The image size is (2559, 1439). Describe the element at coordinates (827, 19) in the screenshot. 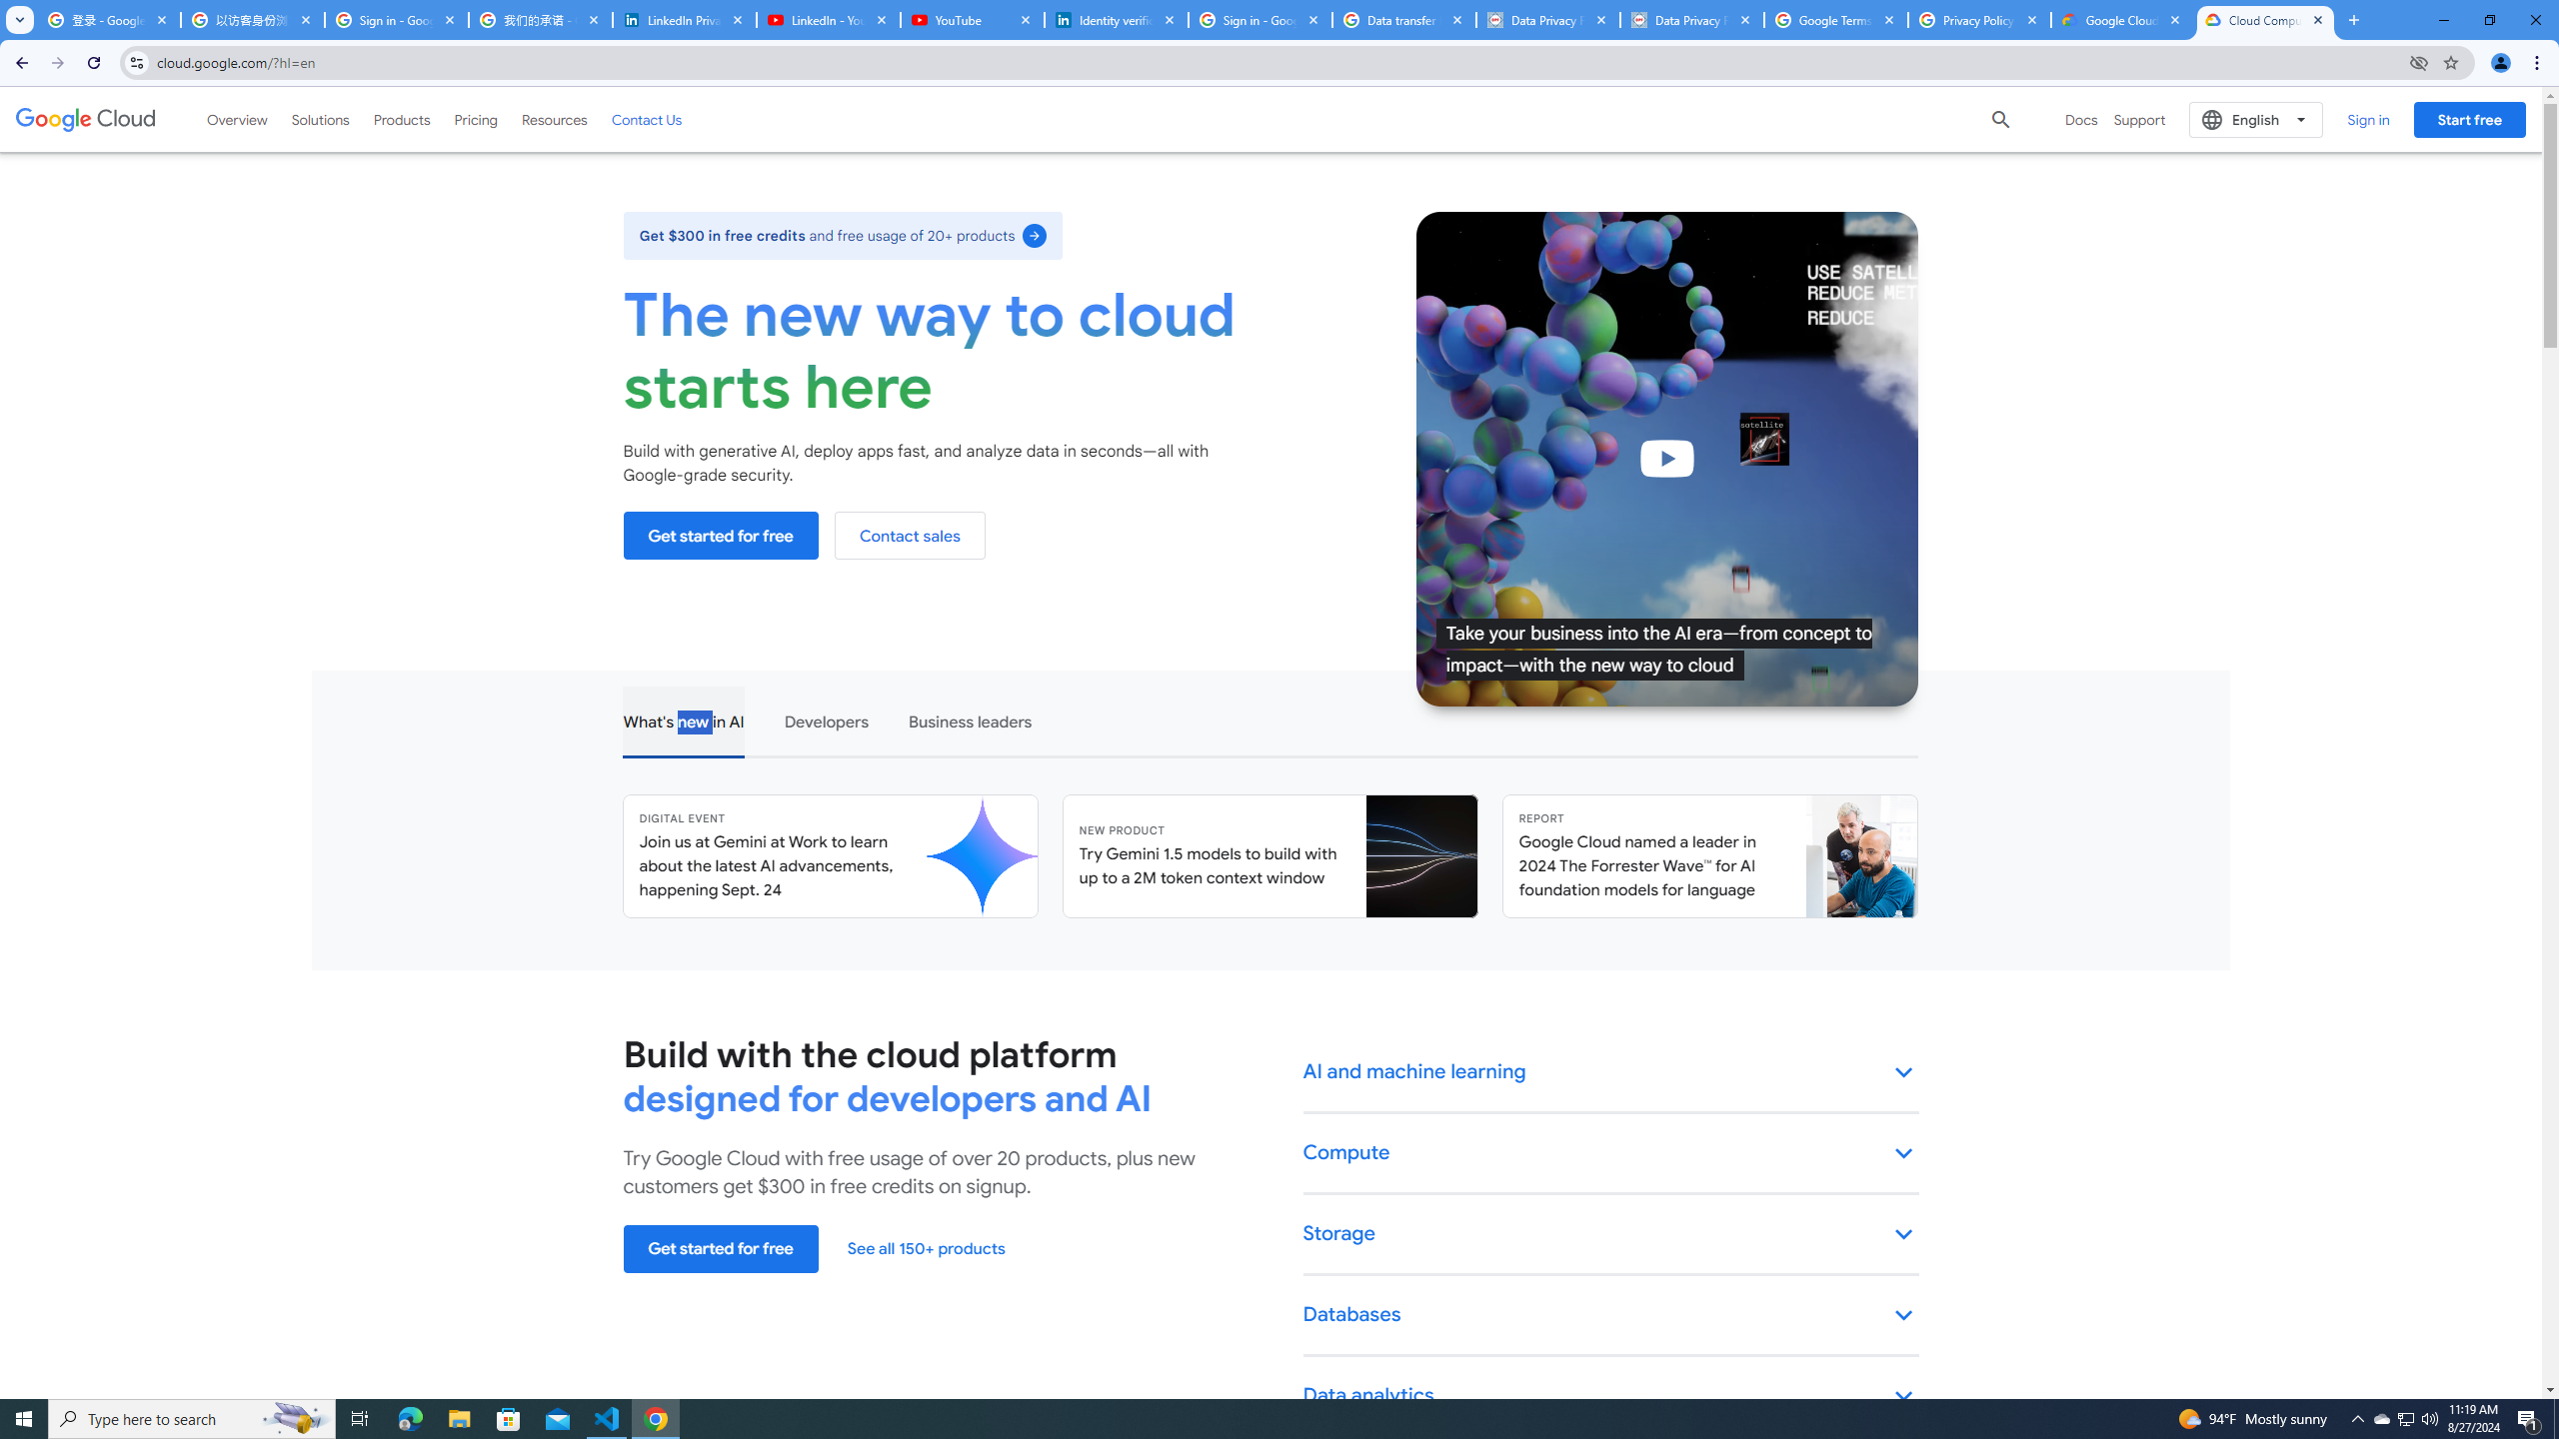

I see `'LinkedIn - YouTube'` at that location.